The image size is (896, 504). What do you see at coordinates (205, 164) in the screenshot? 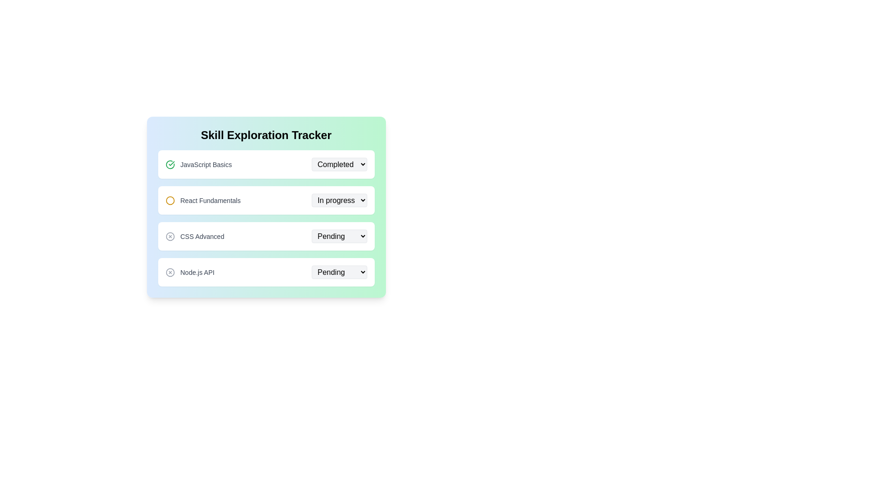
I see `the text label displaying 'JavaScript Basics' in gray color located in the first row of the 'Skill Exploration Tracker' list` at bounding box center [205, 164].